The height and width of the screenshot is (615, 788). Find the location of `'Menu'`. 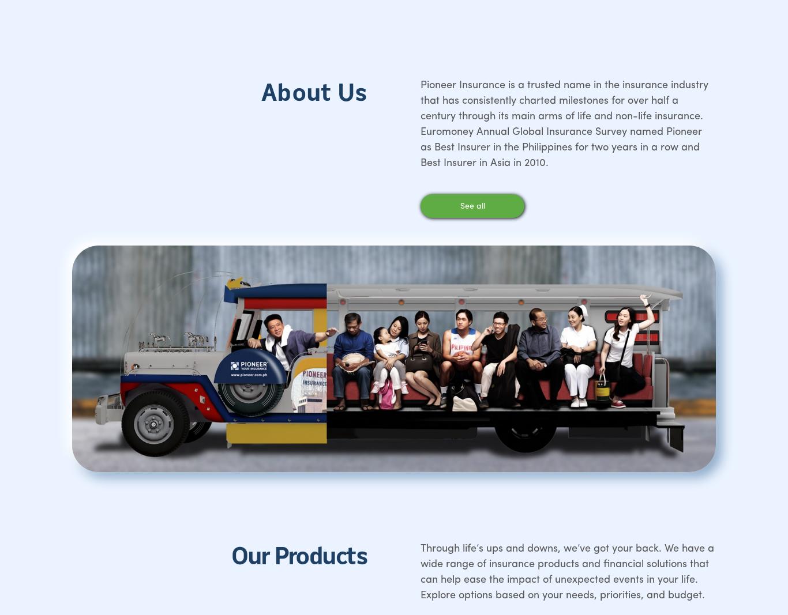

'Menu' is located at coordinates (51, 95).